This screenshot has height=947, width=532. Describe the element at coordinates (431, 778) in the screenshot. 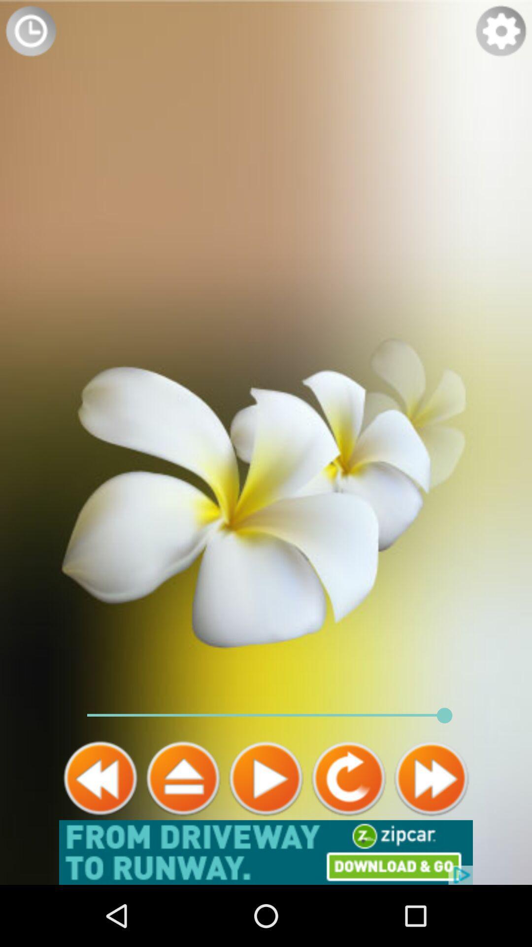

I see `next button` at that location.